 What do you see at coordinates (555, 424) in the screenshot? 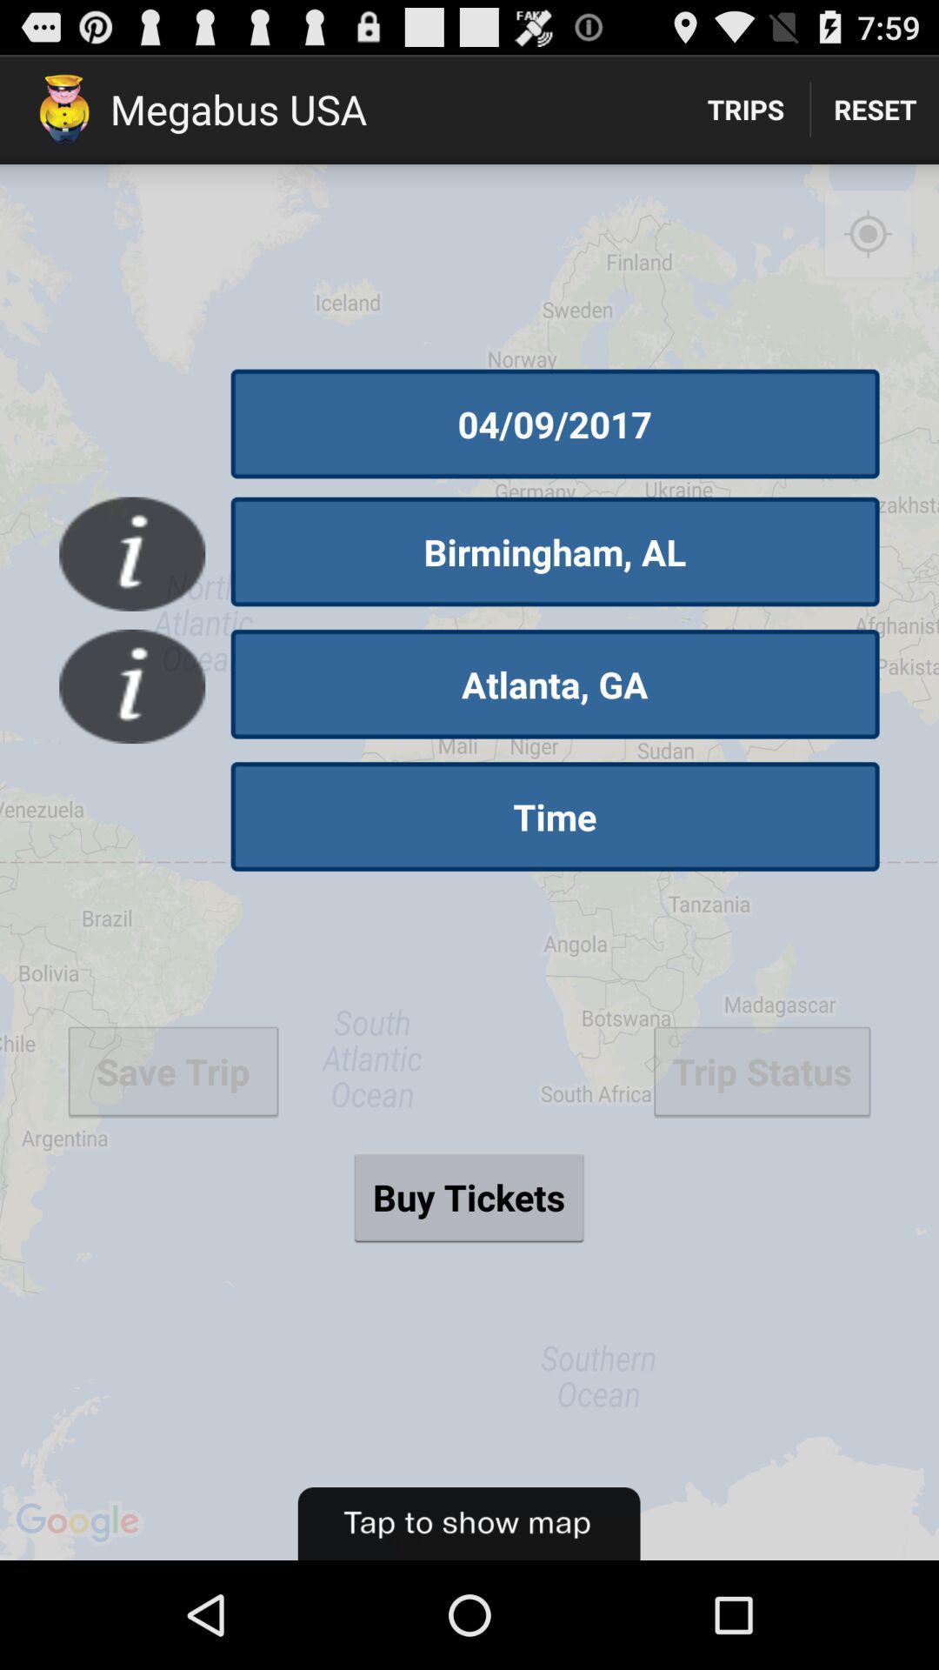
I see `04/09/2017 button` at bounding box center [555, 424].